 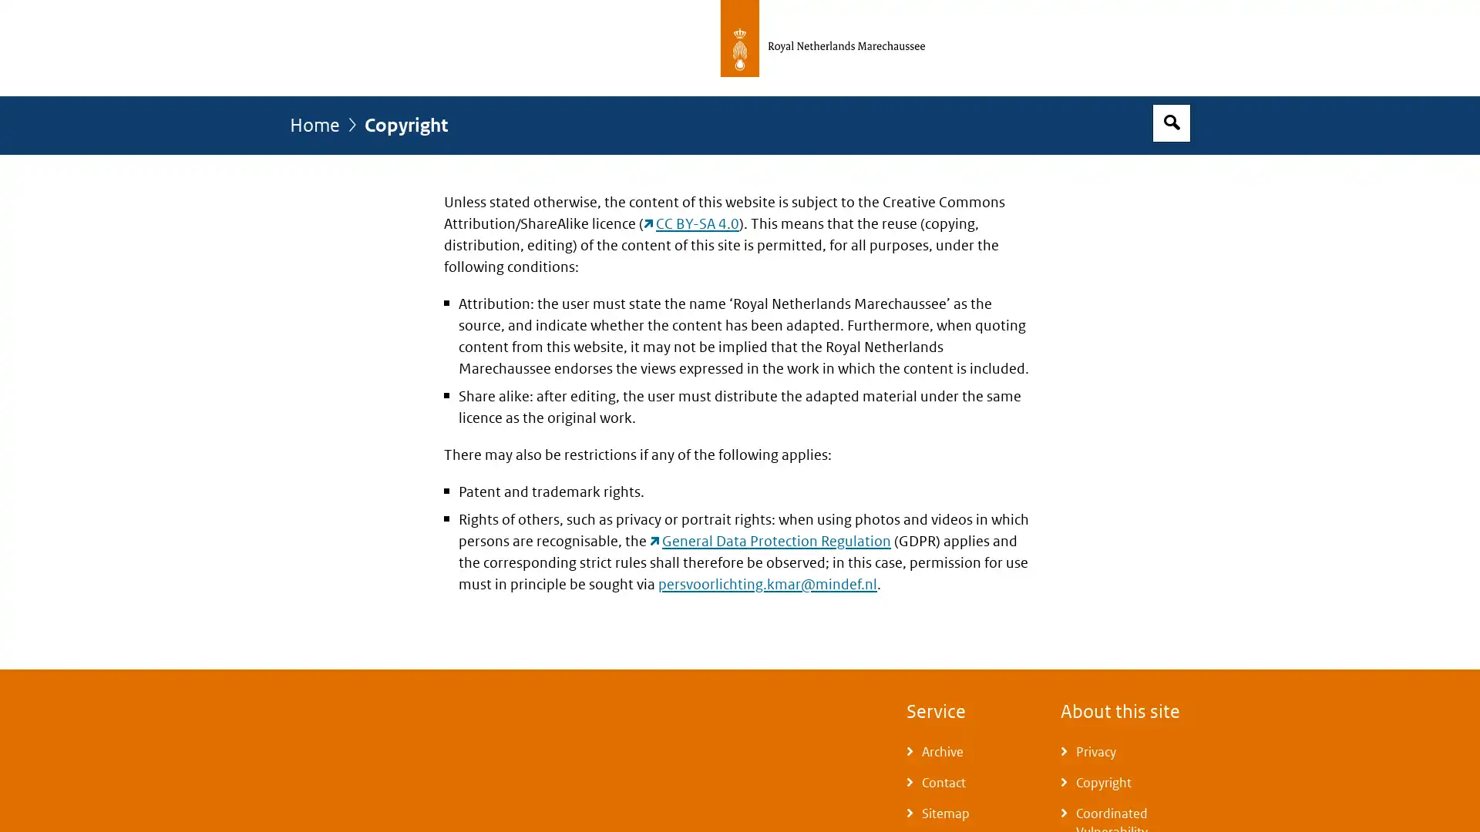 I want to click on Open search box, so click(x=1172, y=122).